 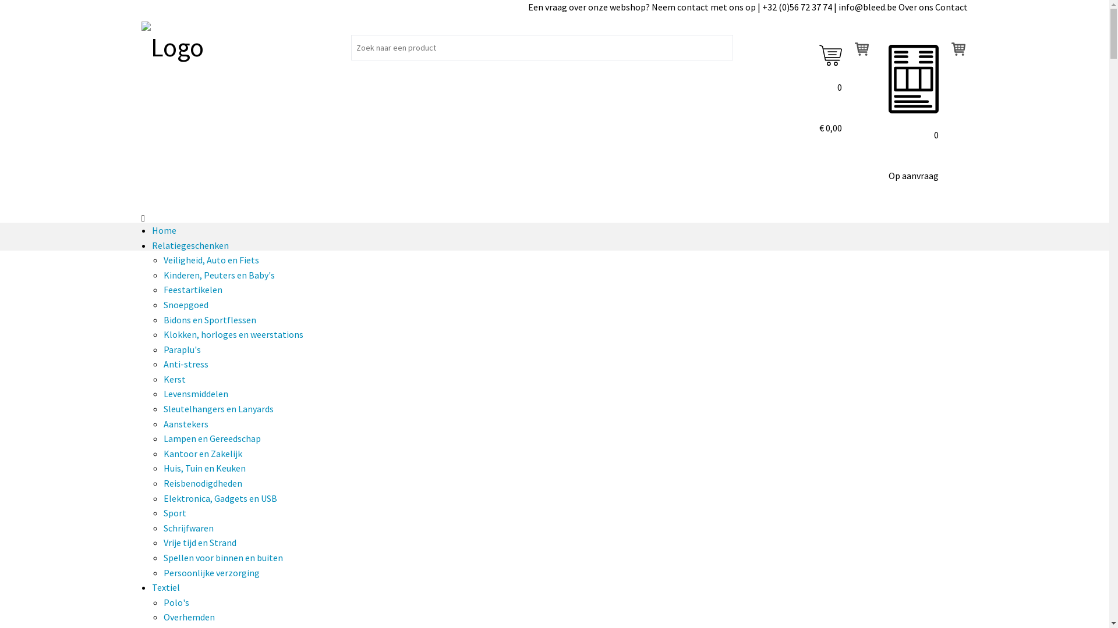 I want to click on 'Persoonlijke verzorging', so click(x=211, y=572).